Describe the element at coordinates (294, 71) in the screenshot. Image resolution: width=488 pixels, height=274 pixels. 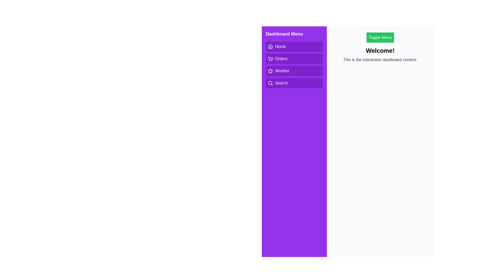
I see `the menu option Wishlist to observe the hover effect` at that location.